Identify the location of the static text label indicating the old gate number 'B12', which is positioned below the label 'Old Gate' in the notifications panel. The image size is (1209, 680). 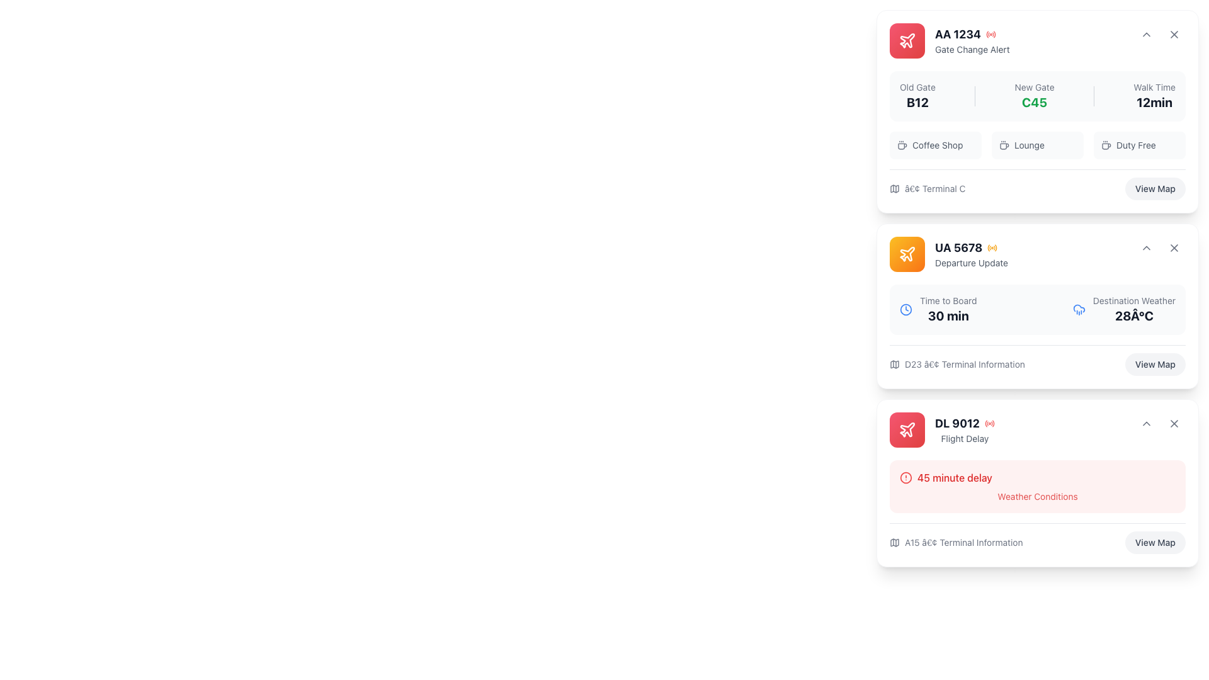
(917, 96).